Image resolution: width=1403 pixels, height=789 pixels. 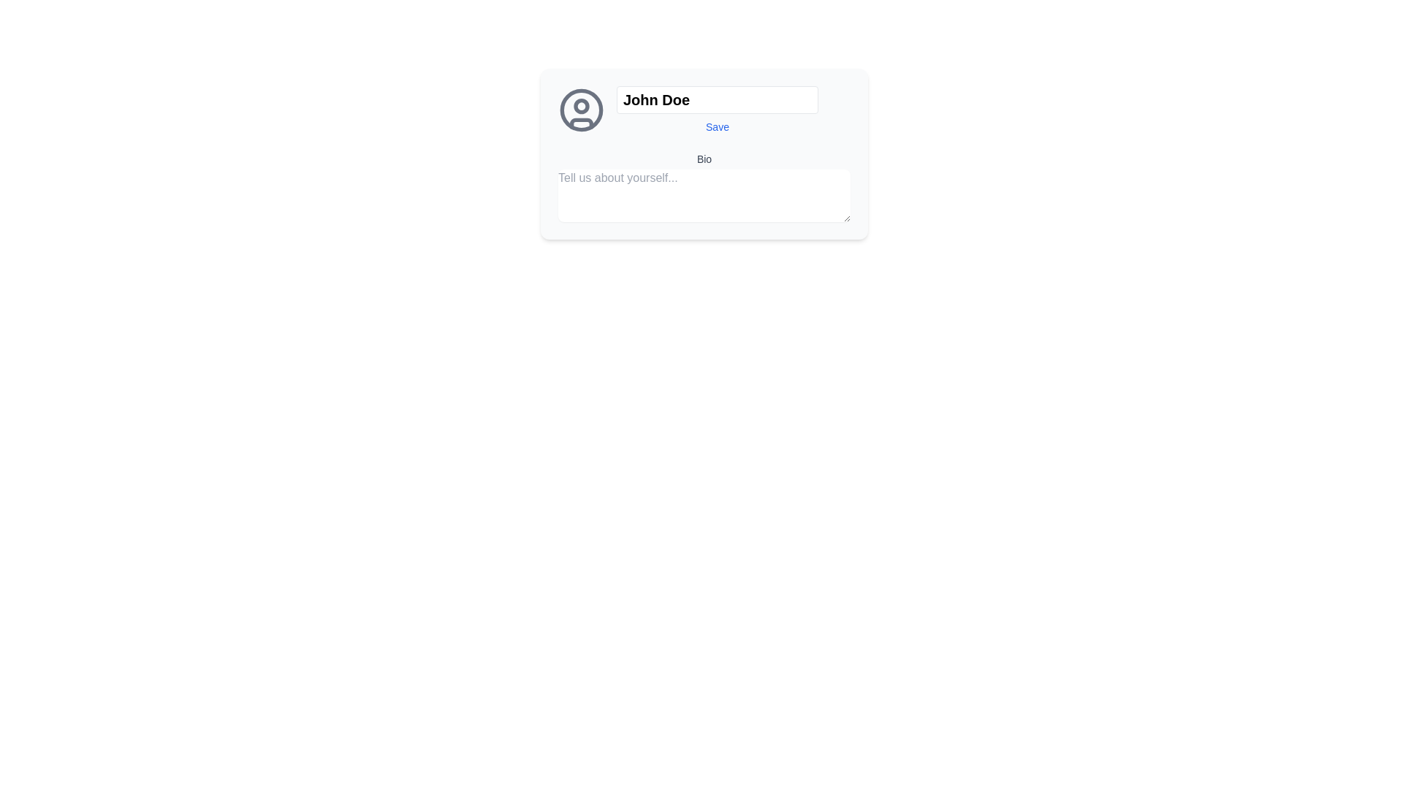 What do you see at coordinates (581, 109) in the screenshot?
I see `the circular user icon located to the left of the text 'John Doe' to interact with it` at bounding box center [581, 109].